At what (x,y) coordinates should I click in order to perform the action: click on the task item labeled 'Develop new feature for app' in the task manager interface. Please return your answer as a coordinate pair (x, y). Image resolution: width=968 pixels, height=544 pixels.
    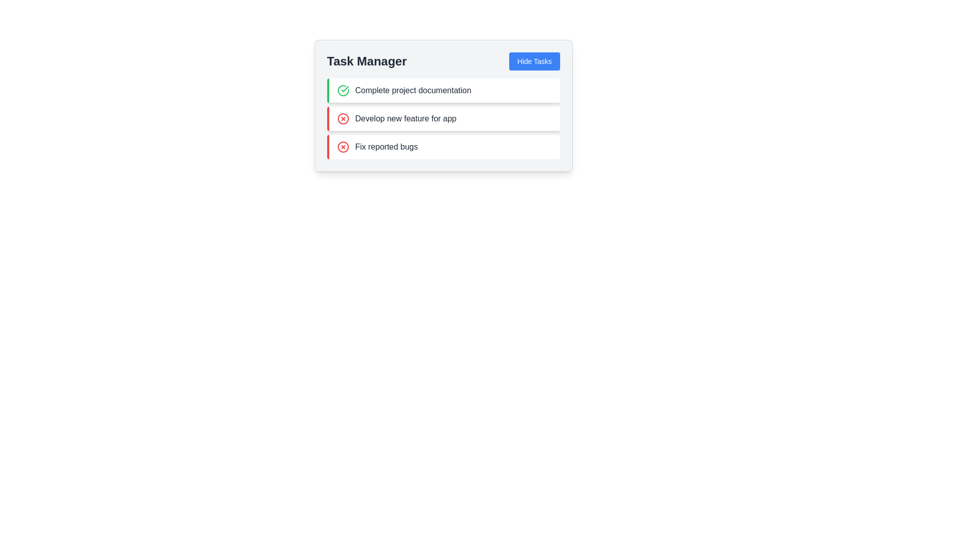
    Looking at the image, I should click on (443, 118).